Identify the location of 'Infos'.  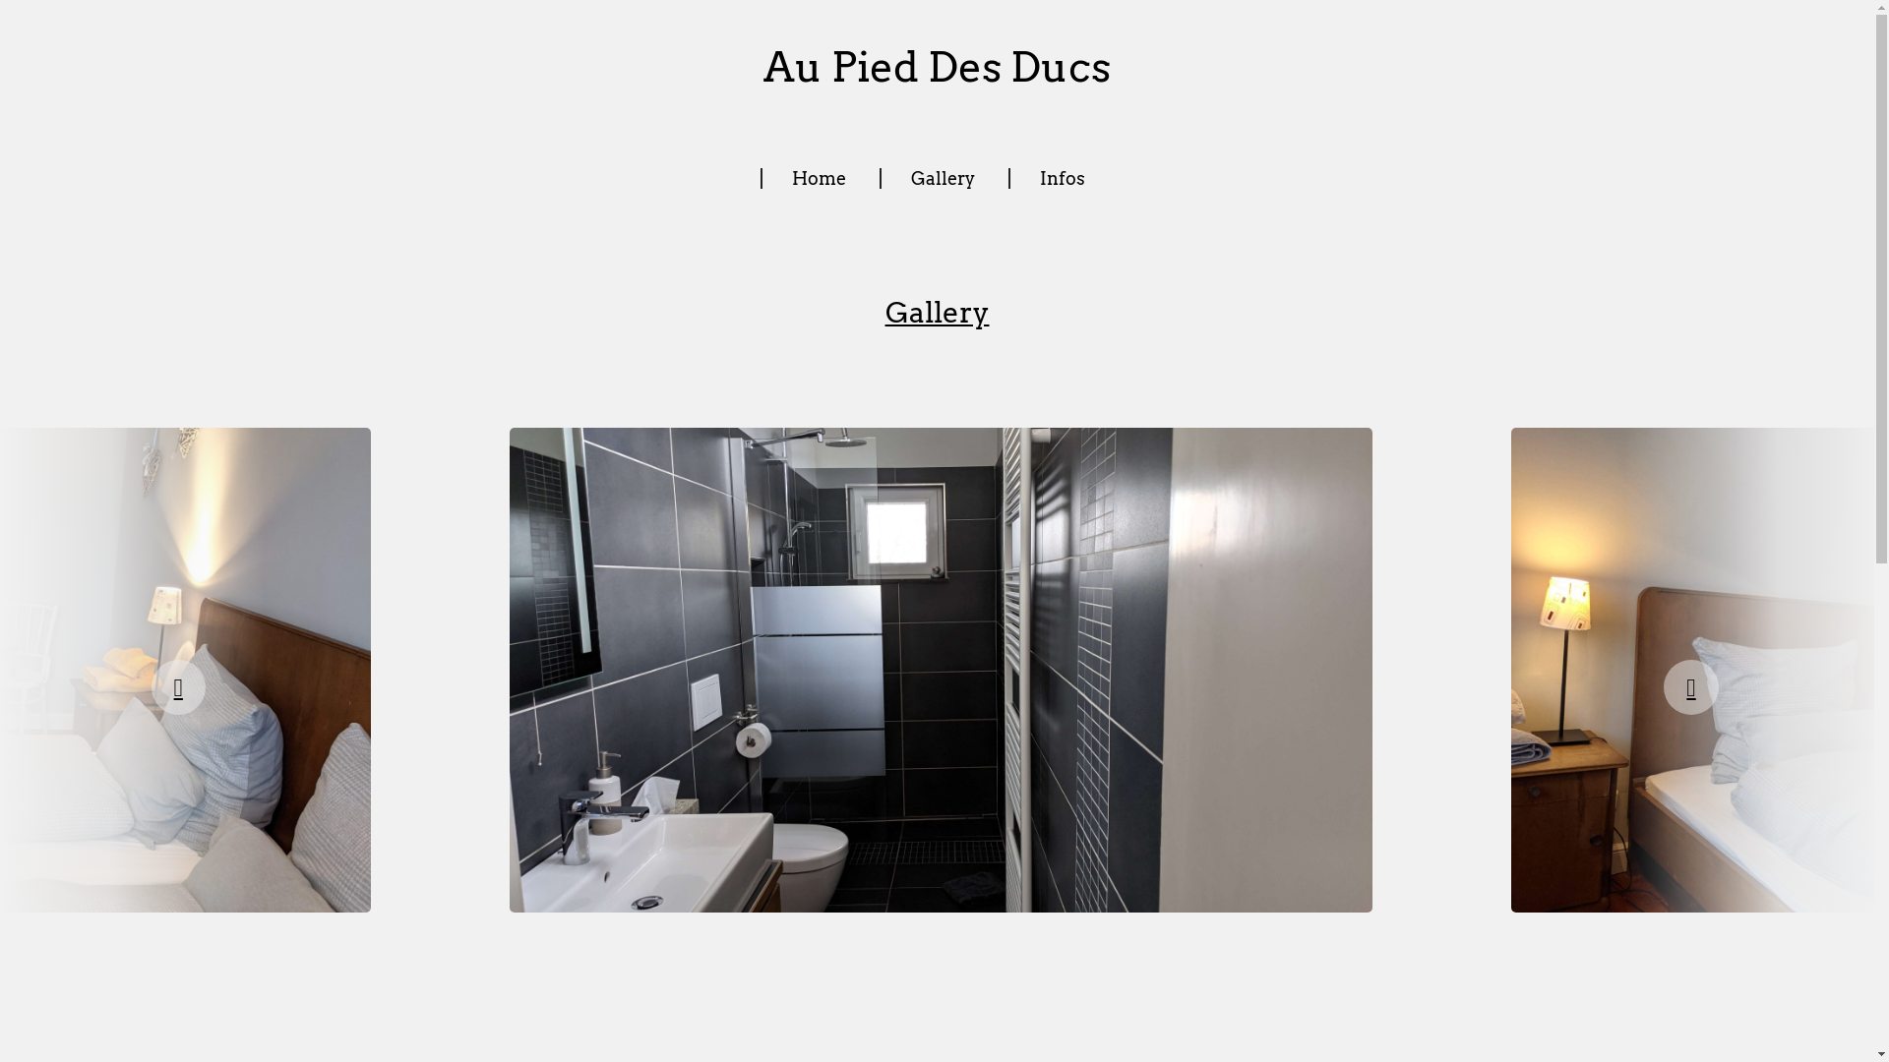
(1061, 178).